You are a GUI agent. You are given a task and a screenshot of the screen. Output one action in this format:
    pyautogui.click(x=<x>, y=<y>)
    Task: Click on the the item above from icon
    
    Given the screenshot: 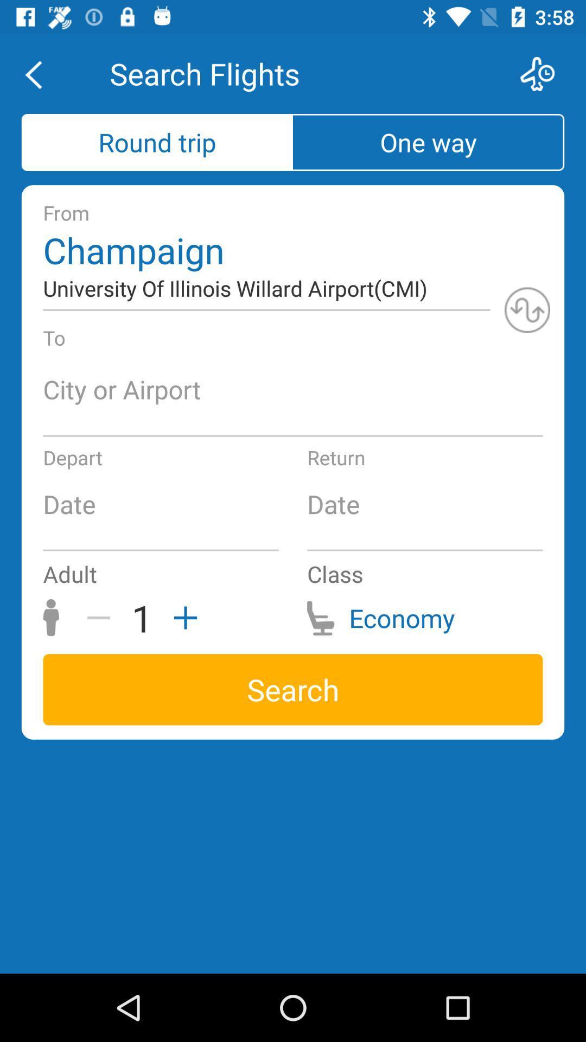 What is the action you would take?
    pyautogui.click(x=157, y=142)
    